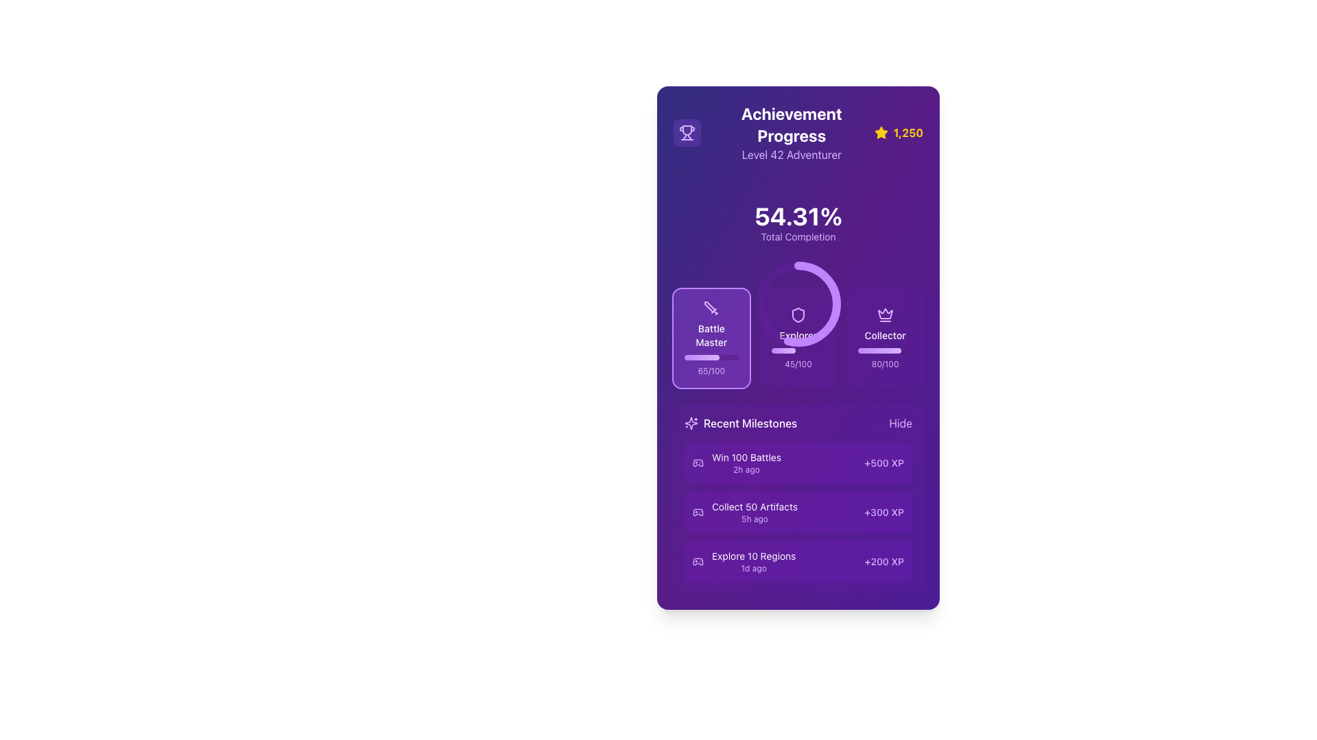 The height and width of the screenshot is (740, 1317). What do you see at coordinates (798, 314) in the screenshot?
I see `the shield-shaped SVG icon with a purple-tinted stroke located in the 'Explorer' section of the 'Achievement Progress' UI card, positioned above the text 'Explorer'` at bounding box center [798, 314].